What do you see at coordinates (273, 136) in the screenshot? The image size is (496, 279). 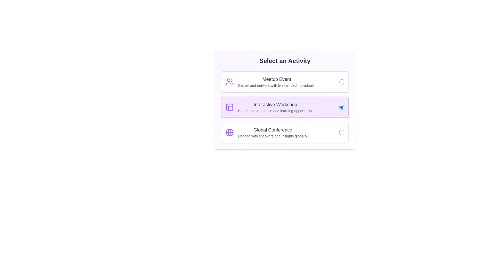 I see `the text element that displays 'Engage with speakers and insights globally.', which is styled in gray and located beneath the 'Global Conference' title` at bounding box center [273, 136].